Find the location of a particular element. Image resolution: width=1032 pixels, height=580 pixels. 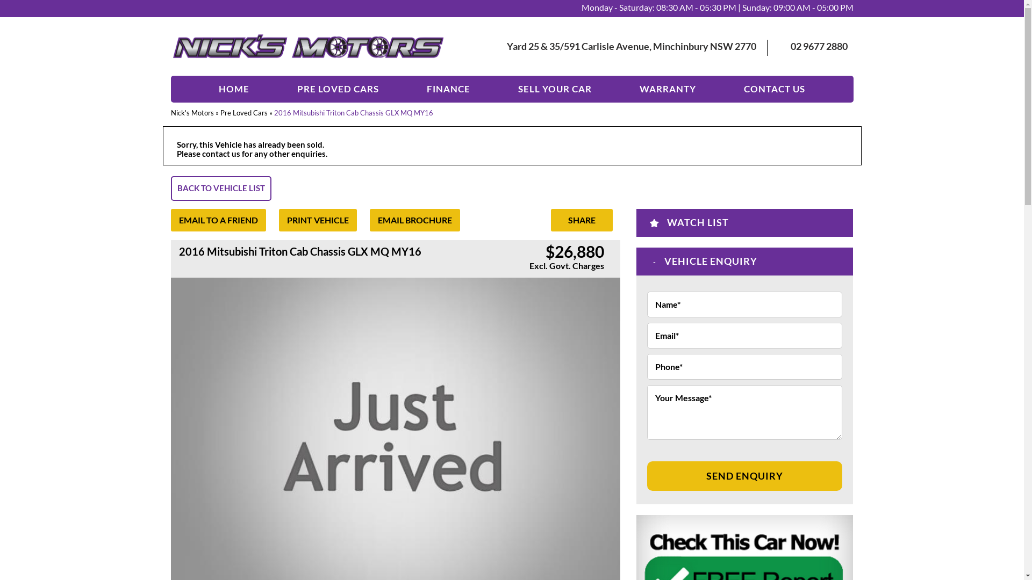

'SEND ENQUIRY' is located at coordinates (744, 476).